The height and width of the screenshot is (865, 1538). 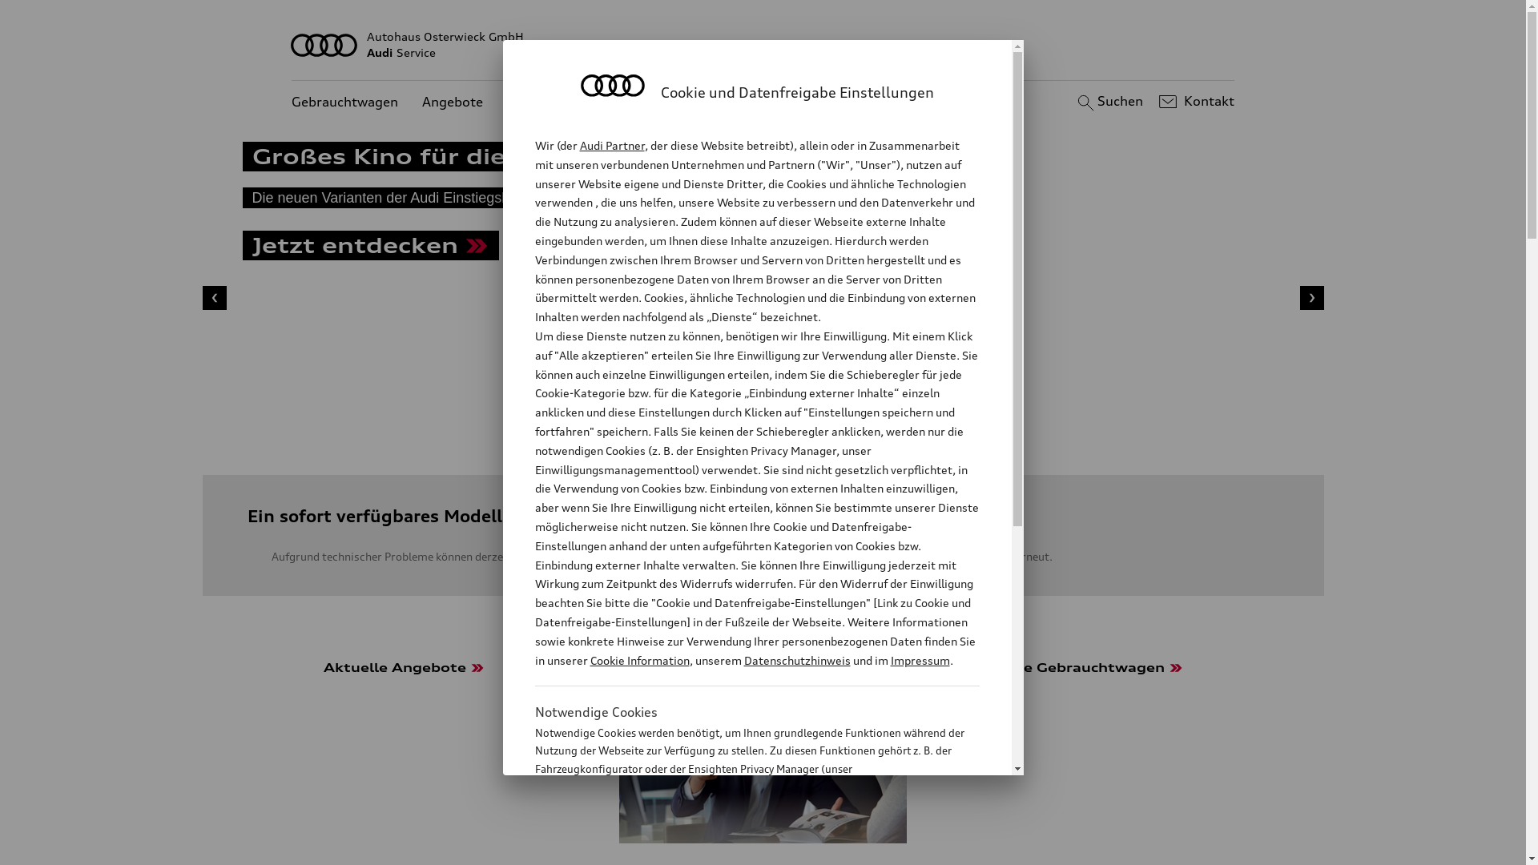 I want to click on 'Datenschutzhinweis', so click(x=796, y=660).